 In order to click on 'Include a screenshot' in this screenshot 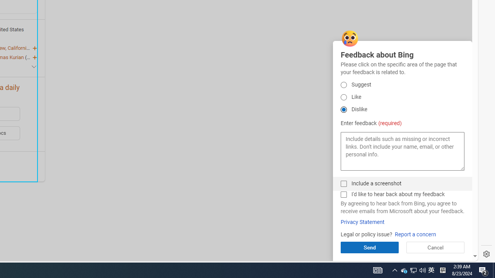, I will do `click(343, 183)`.